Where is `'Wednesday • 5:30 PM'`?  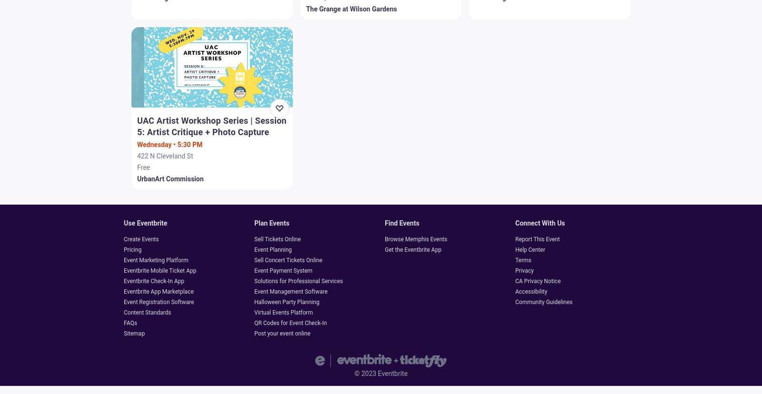 'Wednesday • 5:30 PM' is located at coordinates (170, 144).